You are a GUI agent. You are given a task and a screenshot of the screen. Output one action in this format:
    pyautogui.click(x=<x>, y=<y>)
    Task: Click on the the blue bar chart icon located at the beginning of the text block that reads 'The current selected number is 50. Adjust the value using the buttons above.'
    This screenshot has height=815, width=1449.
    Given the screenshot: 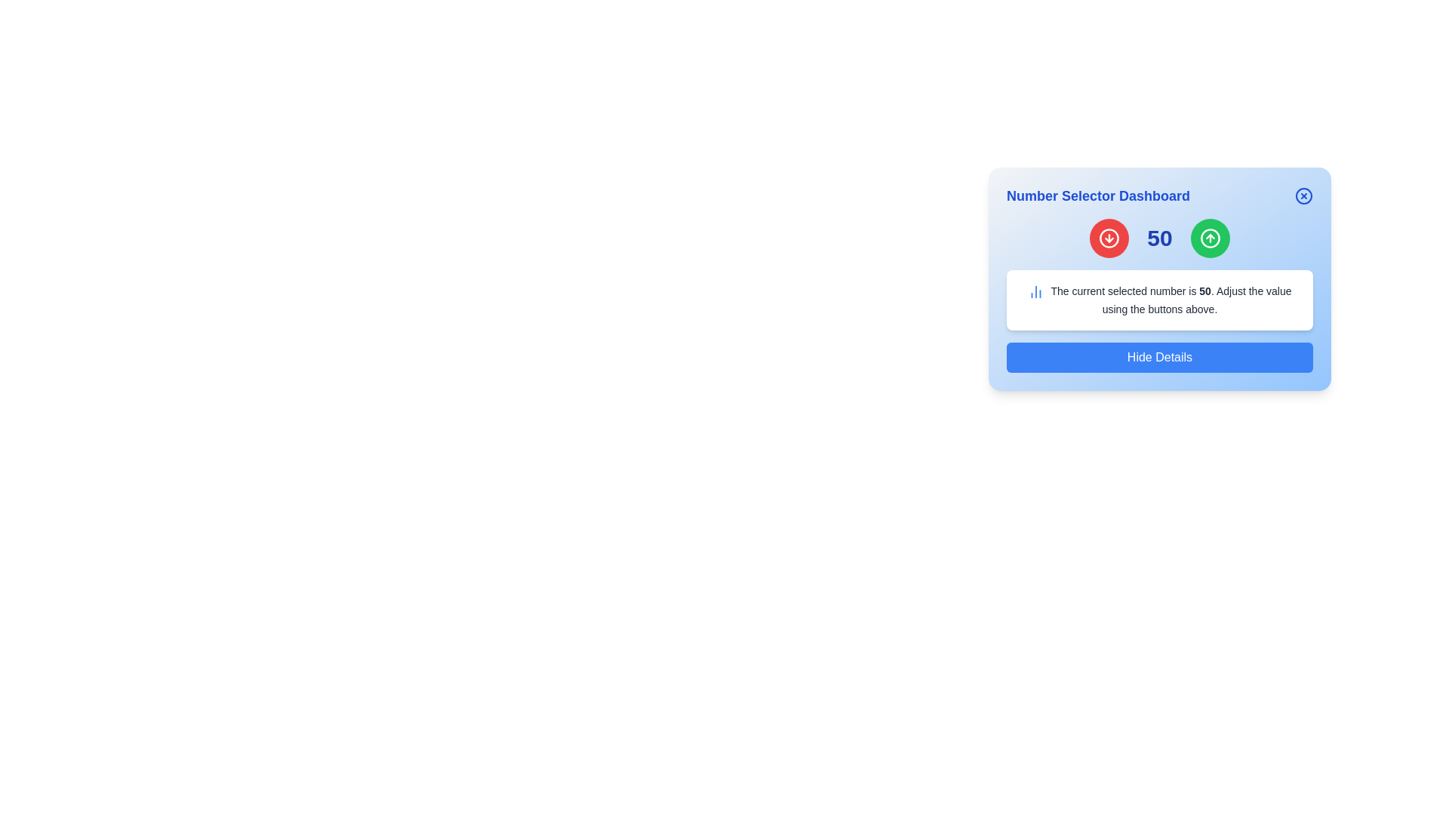 What is the action you would take?
    pyautogui.click(x=1035, y=291)
    